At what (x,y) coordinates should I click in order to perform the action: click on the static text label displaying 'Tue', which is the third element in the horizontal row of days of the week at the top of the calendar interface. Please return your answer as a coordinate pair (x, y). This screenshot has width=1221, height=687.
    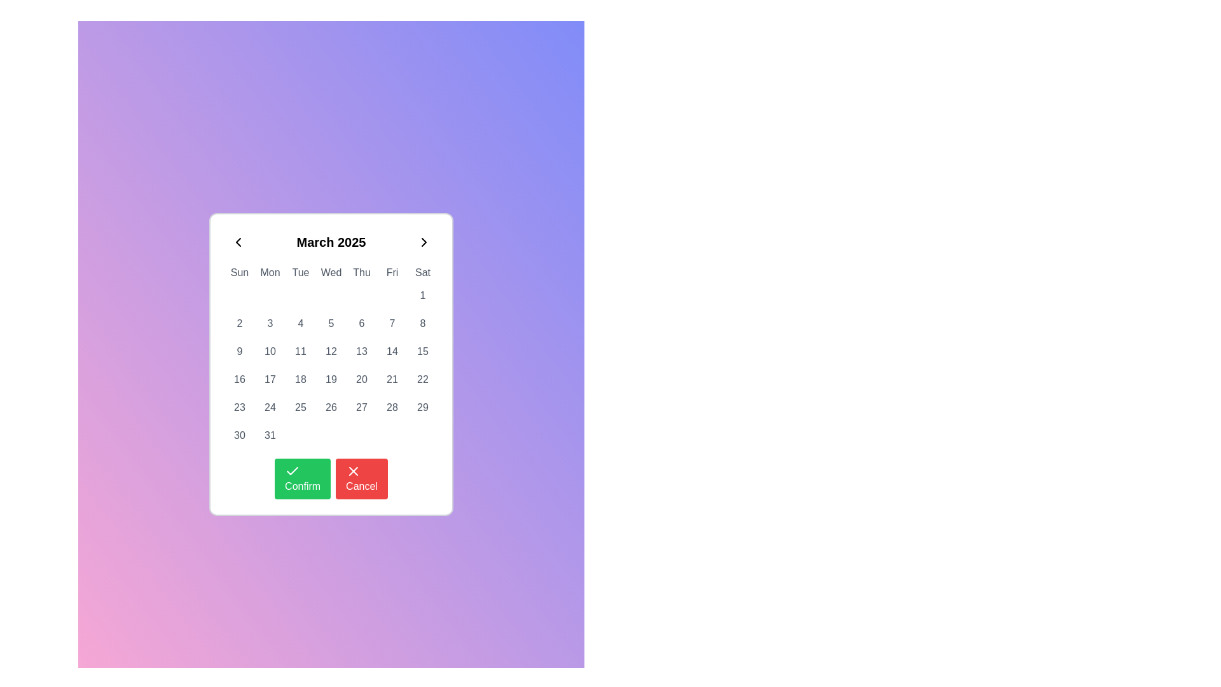
    Looking at the image, I should click on (300, 272).